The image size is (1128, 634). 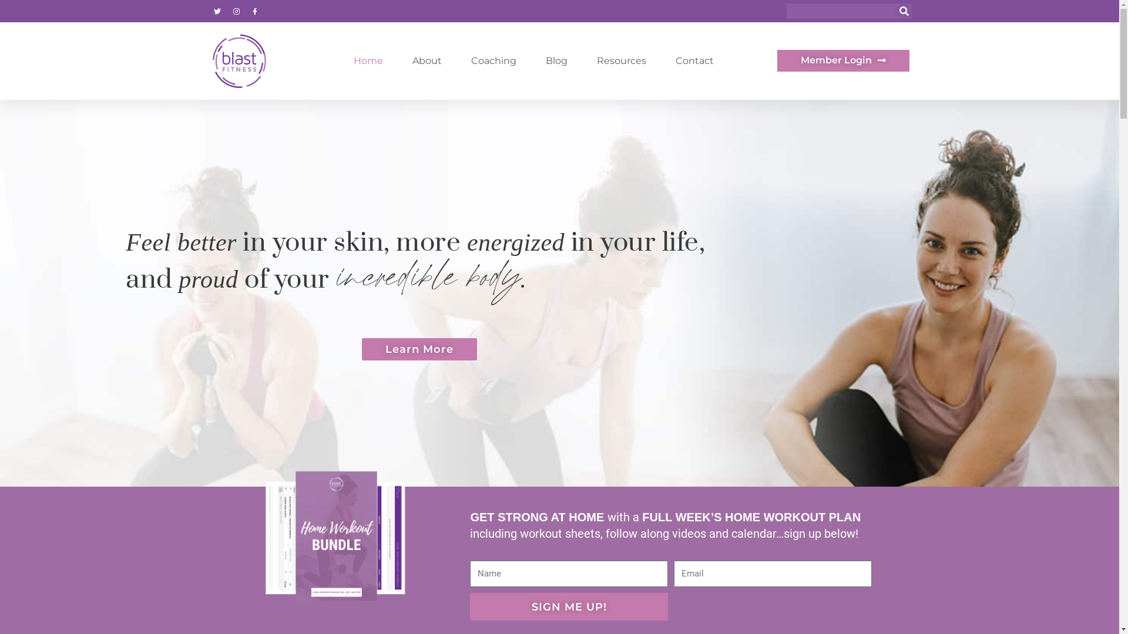 I want to click on 'Search', so click(x=904, y=11).